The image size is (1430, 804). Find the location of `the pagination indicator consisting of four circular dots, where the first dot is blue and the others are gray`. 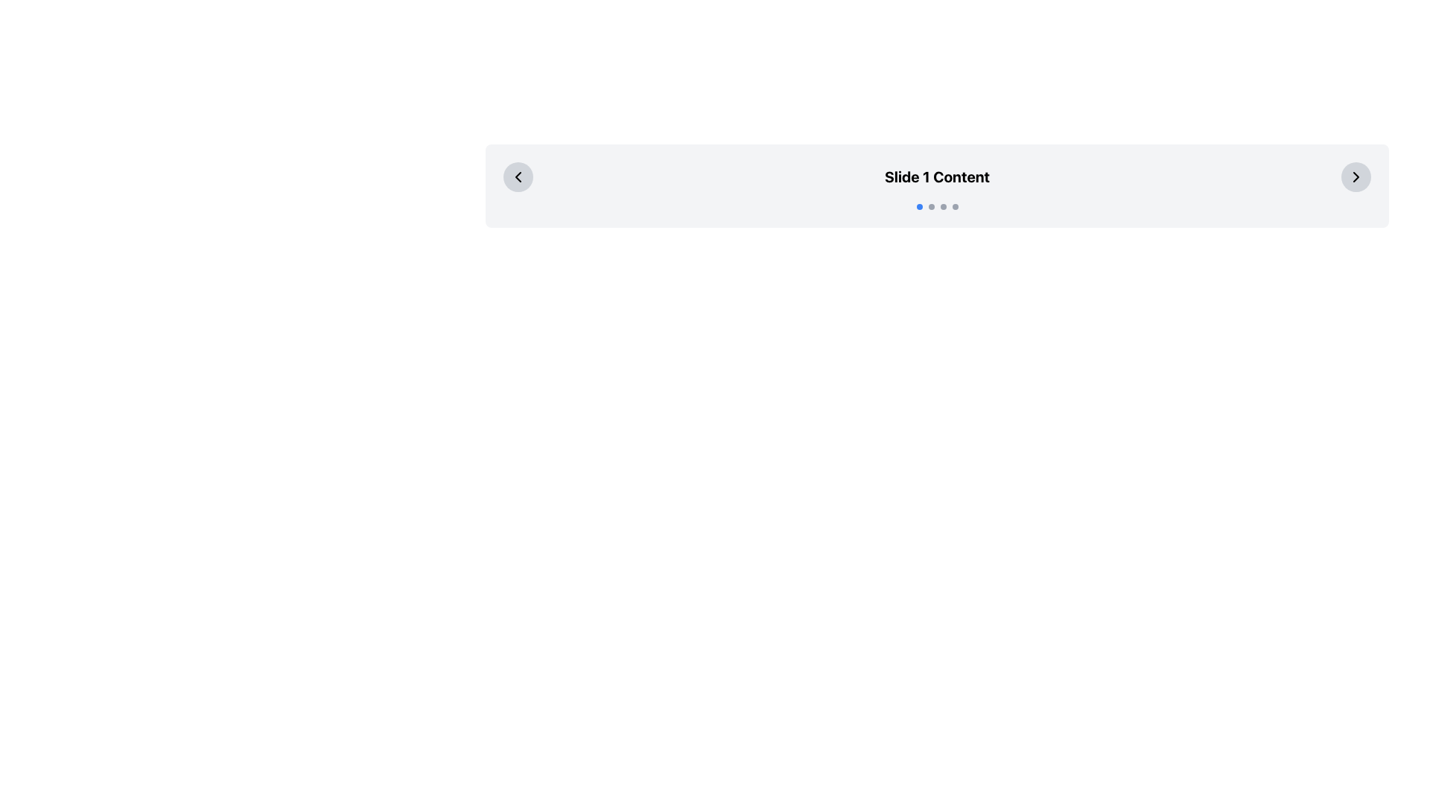

the pagination indicator consisting of four circular dots, where the first dot is blue and the others are gray is located at coordinates (936, 206).